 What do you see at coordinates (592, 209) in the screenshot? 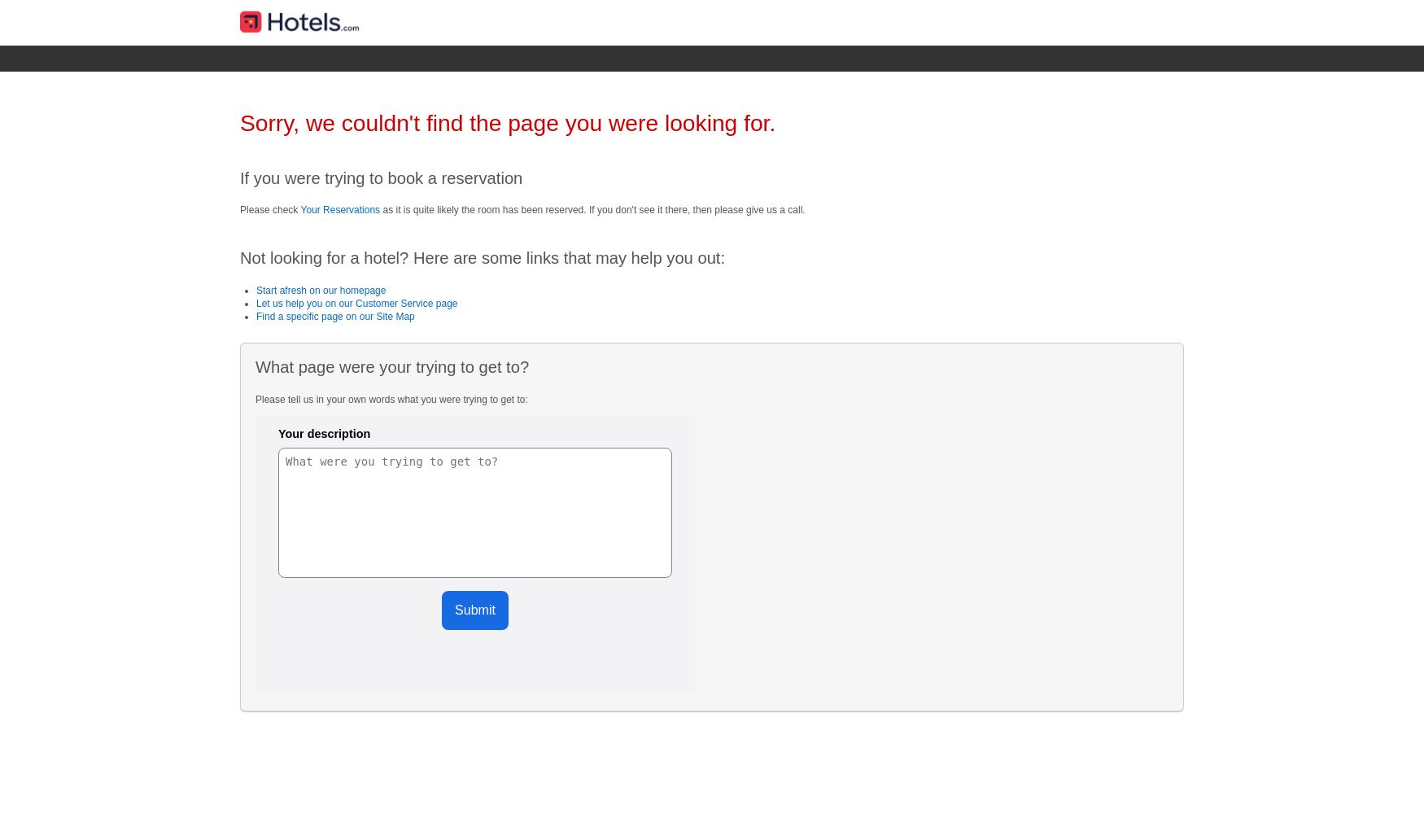
I see `'as it is quite likely the room has been reserved. If you don't see it there, then please give us a call.'` at bounding box center [592, 209].